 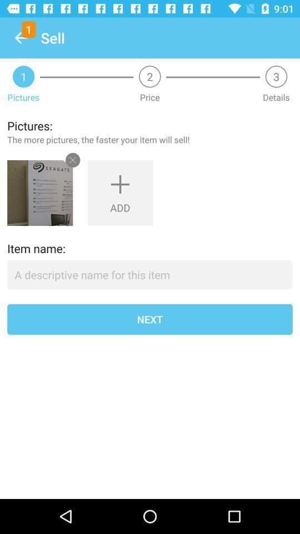 What do you see at coordinates (150, 274) in the screenshot?
I see `the icon below item name: item` at bounding box center [150, 274].